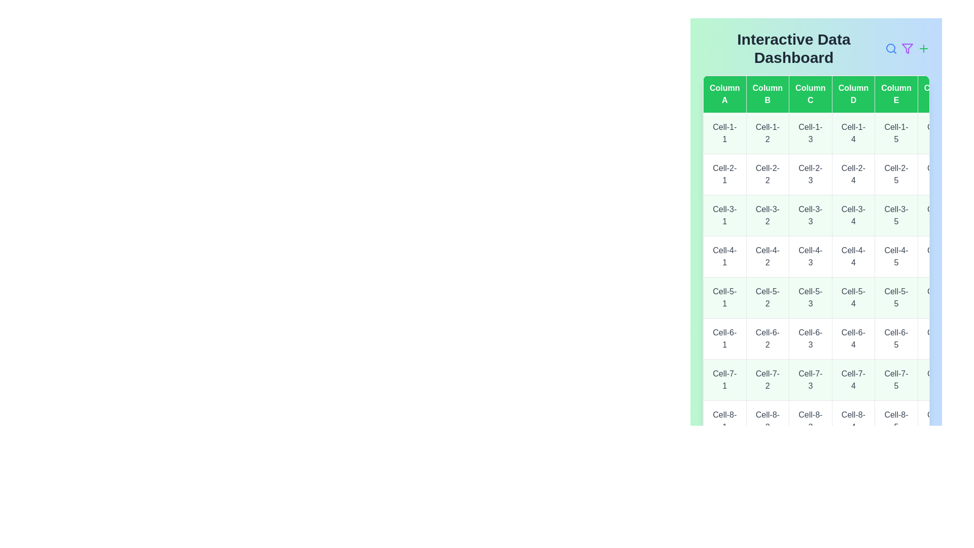  Describe the element at coordinates (908, 49) in the screenshot. I see `the filter icon to activate the filter functionality` at that location.